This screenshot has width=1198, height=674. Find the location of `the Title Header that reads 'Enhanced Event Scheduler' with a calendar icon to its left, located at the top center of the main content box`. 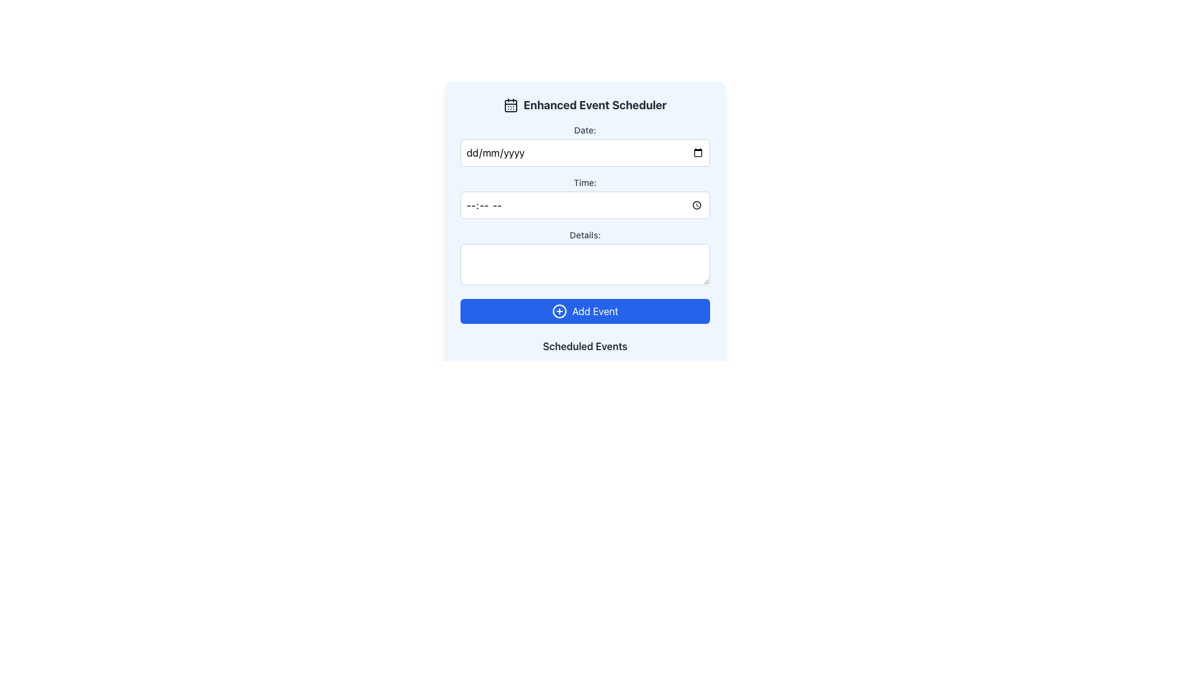

the Title Header that reads 'Enhanced Event Scheduler' with a calendar icon to its left, located at the top center of the main content box is located at coordinates (584, 105).